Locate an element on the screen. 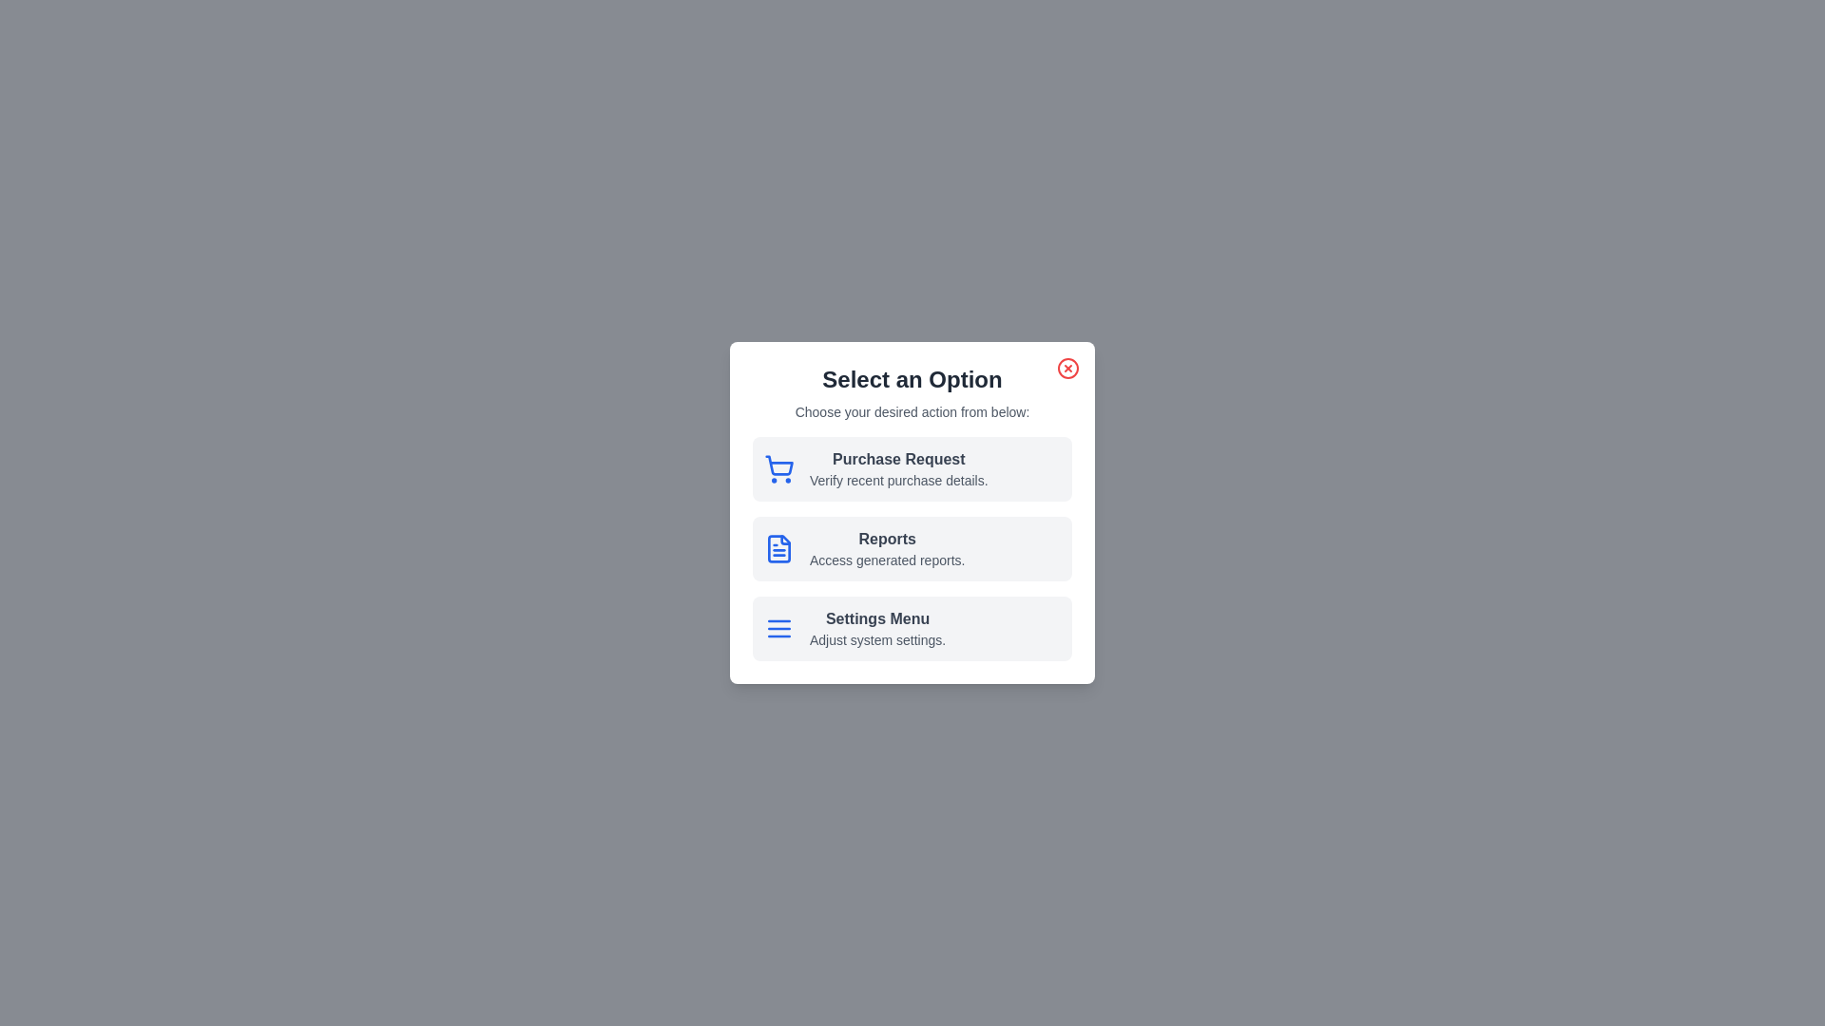  the option Purchase Request to reveal additional styles or information is located at coordinates (912, 468).